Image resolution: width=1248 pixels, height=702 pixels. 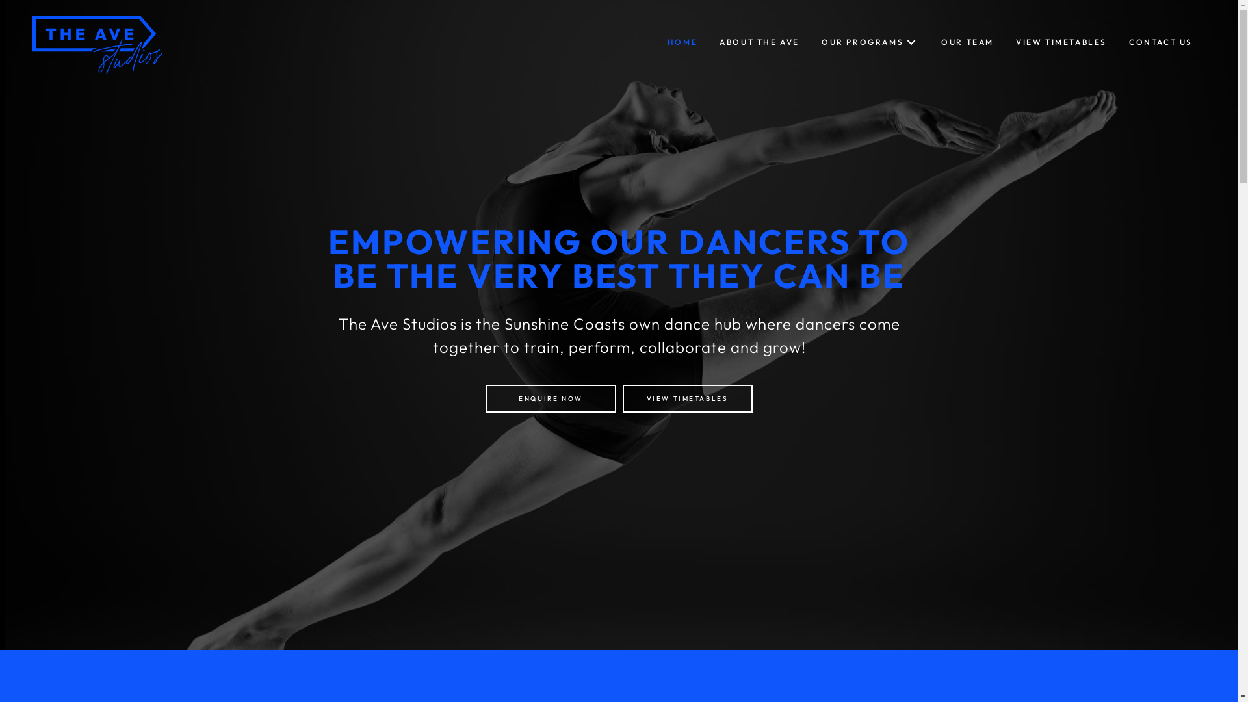 I want to click on 'ENQUIRE NOW', so click(x=551, y=398).